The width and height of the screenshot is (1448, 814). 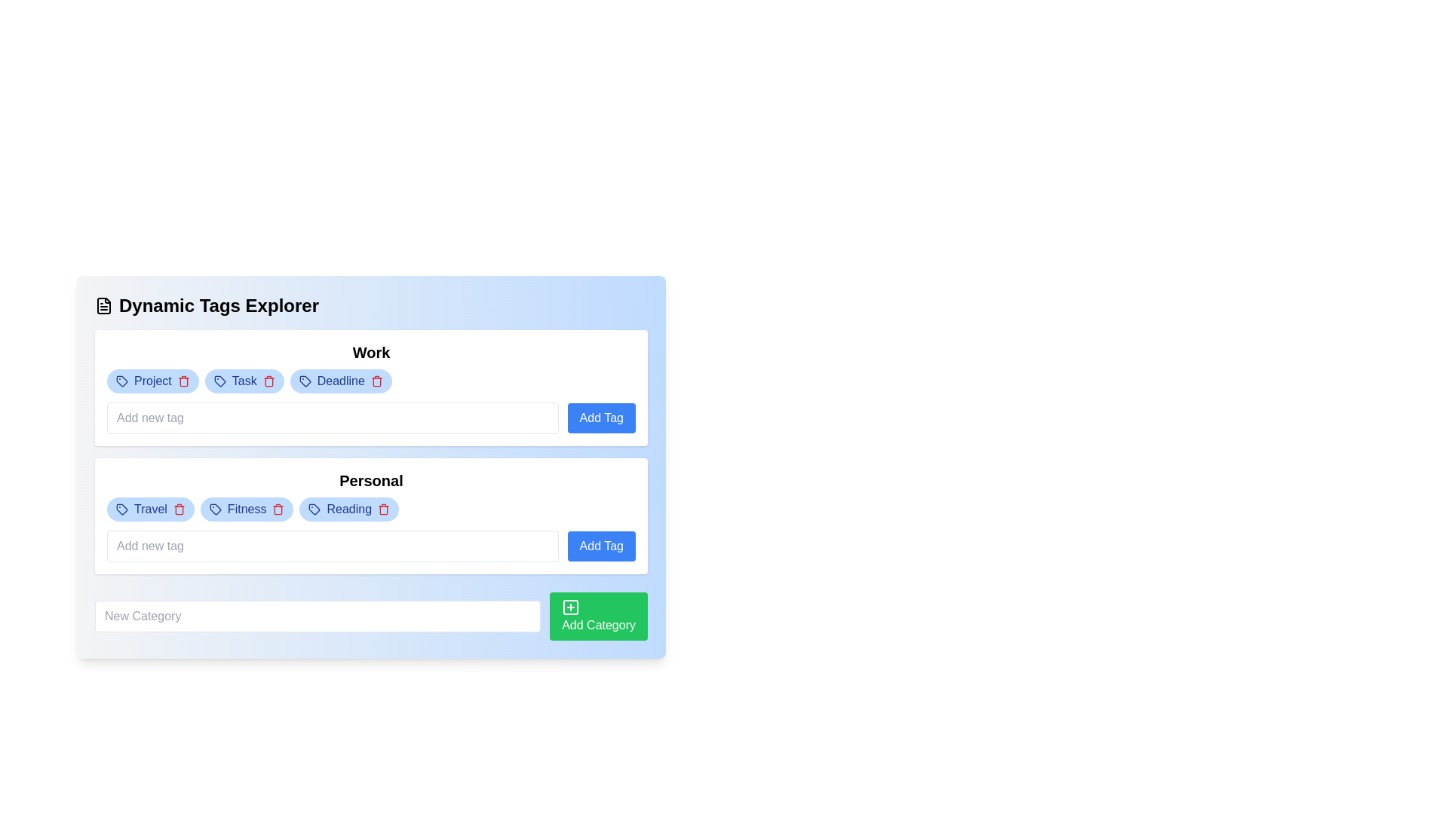 I want to click on the blue outlined tag icon with a circular dot, located to the far left of the 'Travel' label in the 'Personal' category, so click(x=122, y=509).